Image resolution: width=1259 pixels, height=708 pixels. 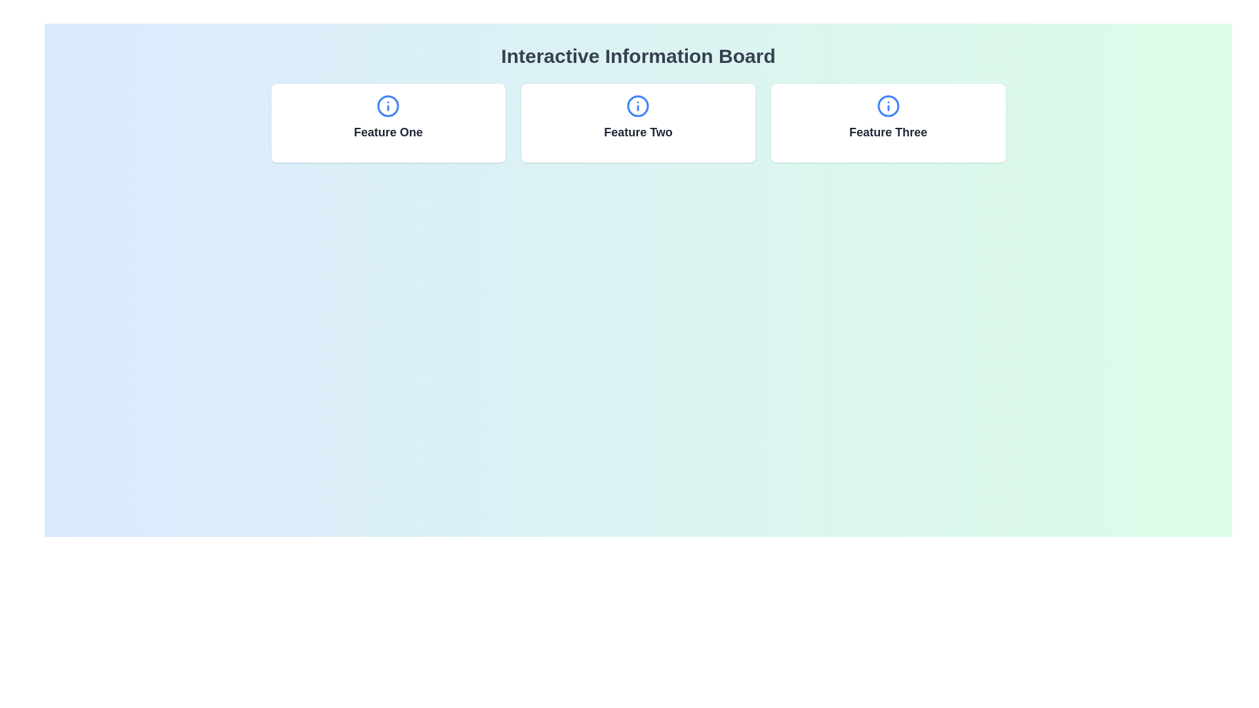 What do you see at coordinates (388, 118) in the screenshot?
I see `the label with icon for 'Feature One', which is the first element in the middle-left section of the interface, inside a white-background card with rounded corners` at bounding box center [388, 118].